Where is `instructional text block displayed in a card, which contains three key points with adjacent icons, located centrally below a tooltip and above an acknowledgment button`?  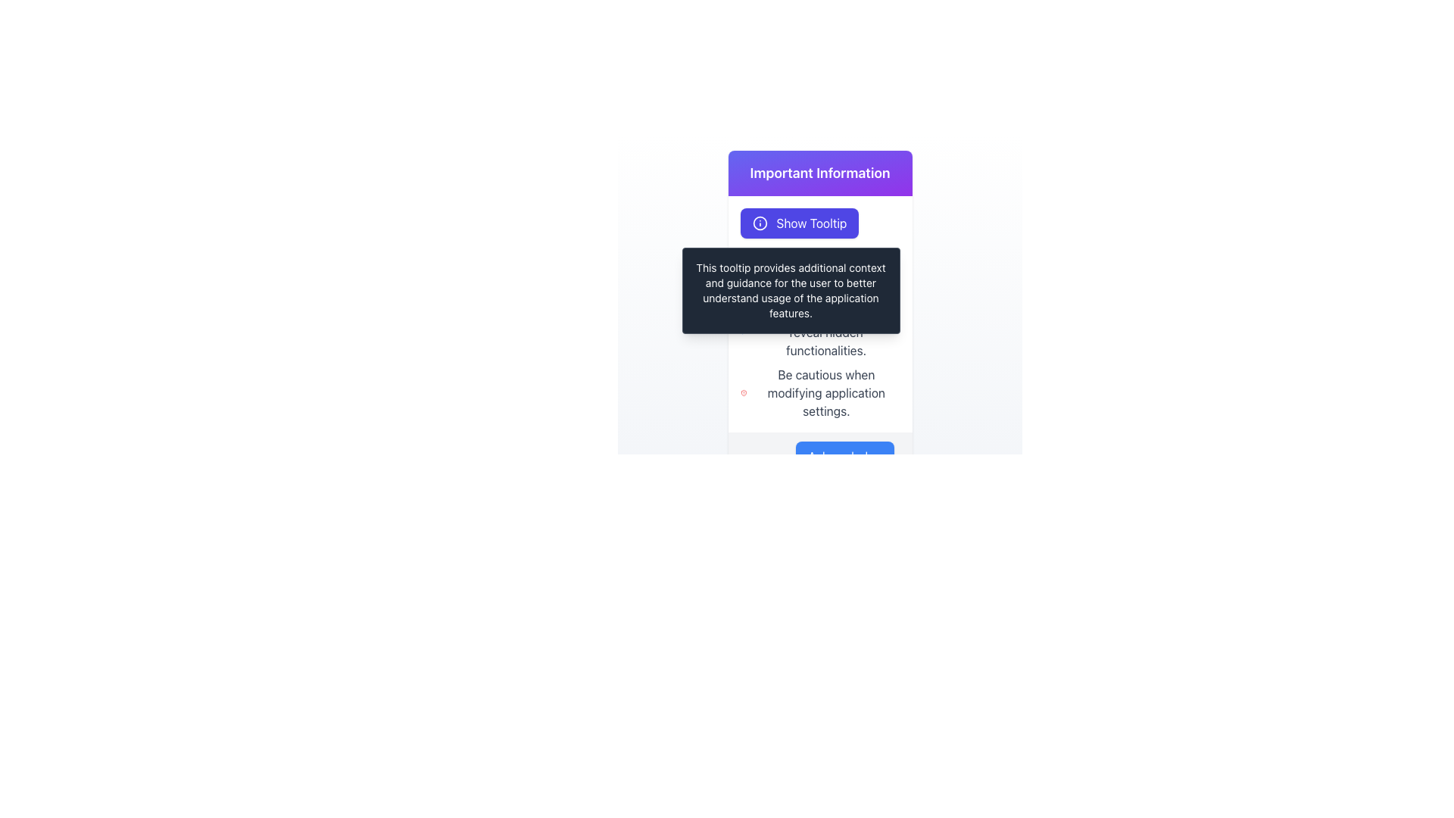 instructional text block displayed in a card, which contains three key points with adjacent icons, located centrally below a tooltip and above an acknowledgment button is located at coordinates (819, 342).